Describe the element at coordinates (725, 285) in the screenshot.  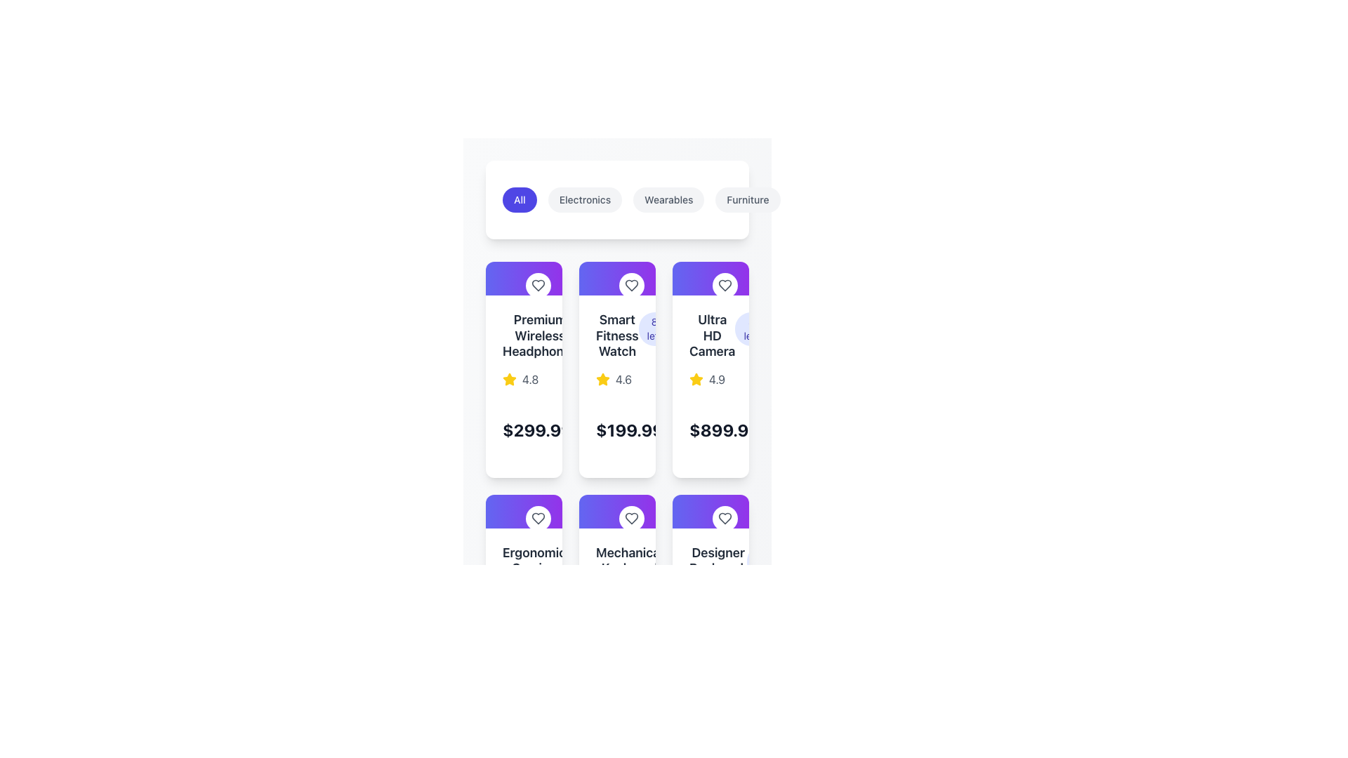
I see `the heart icon in the top section of the product card` at that location.